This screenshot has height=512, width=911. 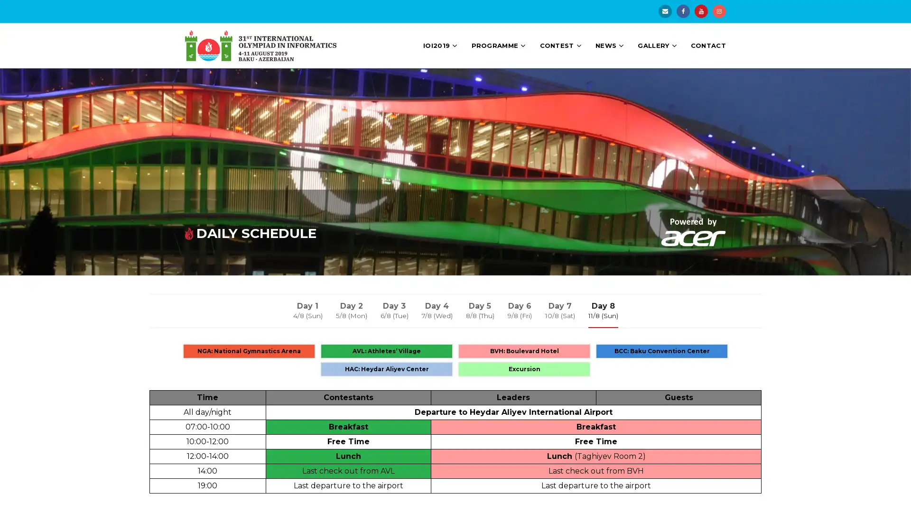 What do you see at coordinates (249, 351) in the screenshot?
I see `NGA: National Gymnastics Arena` at bounding box center [249, 351].